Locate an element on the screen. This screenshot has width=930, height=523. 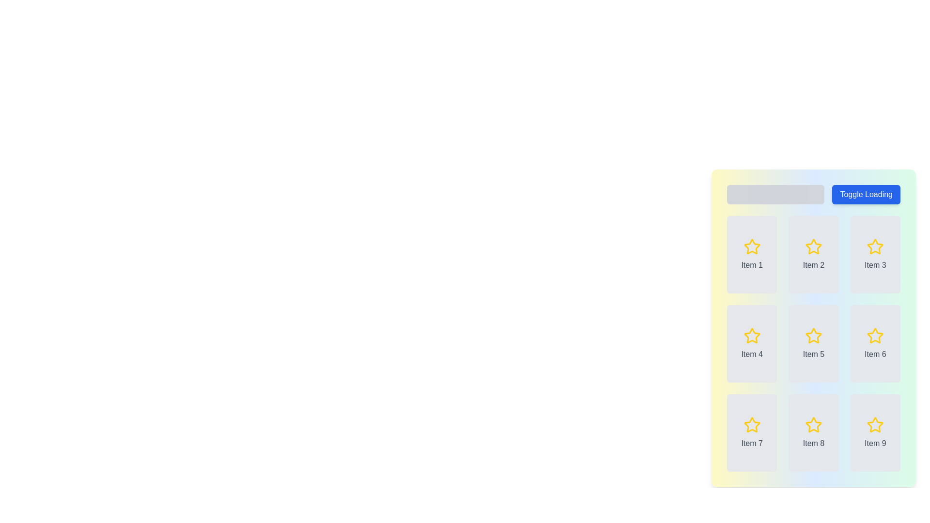
the text label reading 'Item 4', which is styled with a gray color and medium font weight, located directly beneath a yellow star icon is located at coordinates (751, 354).